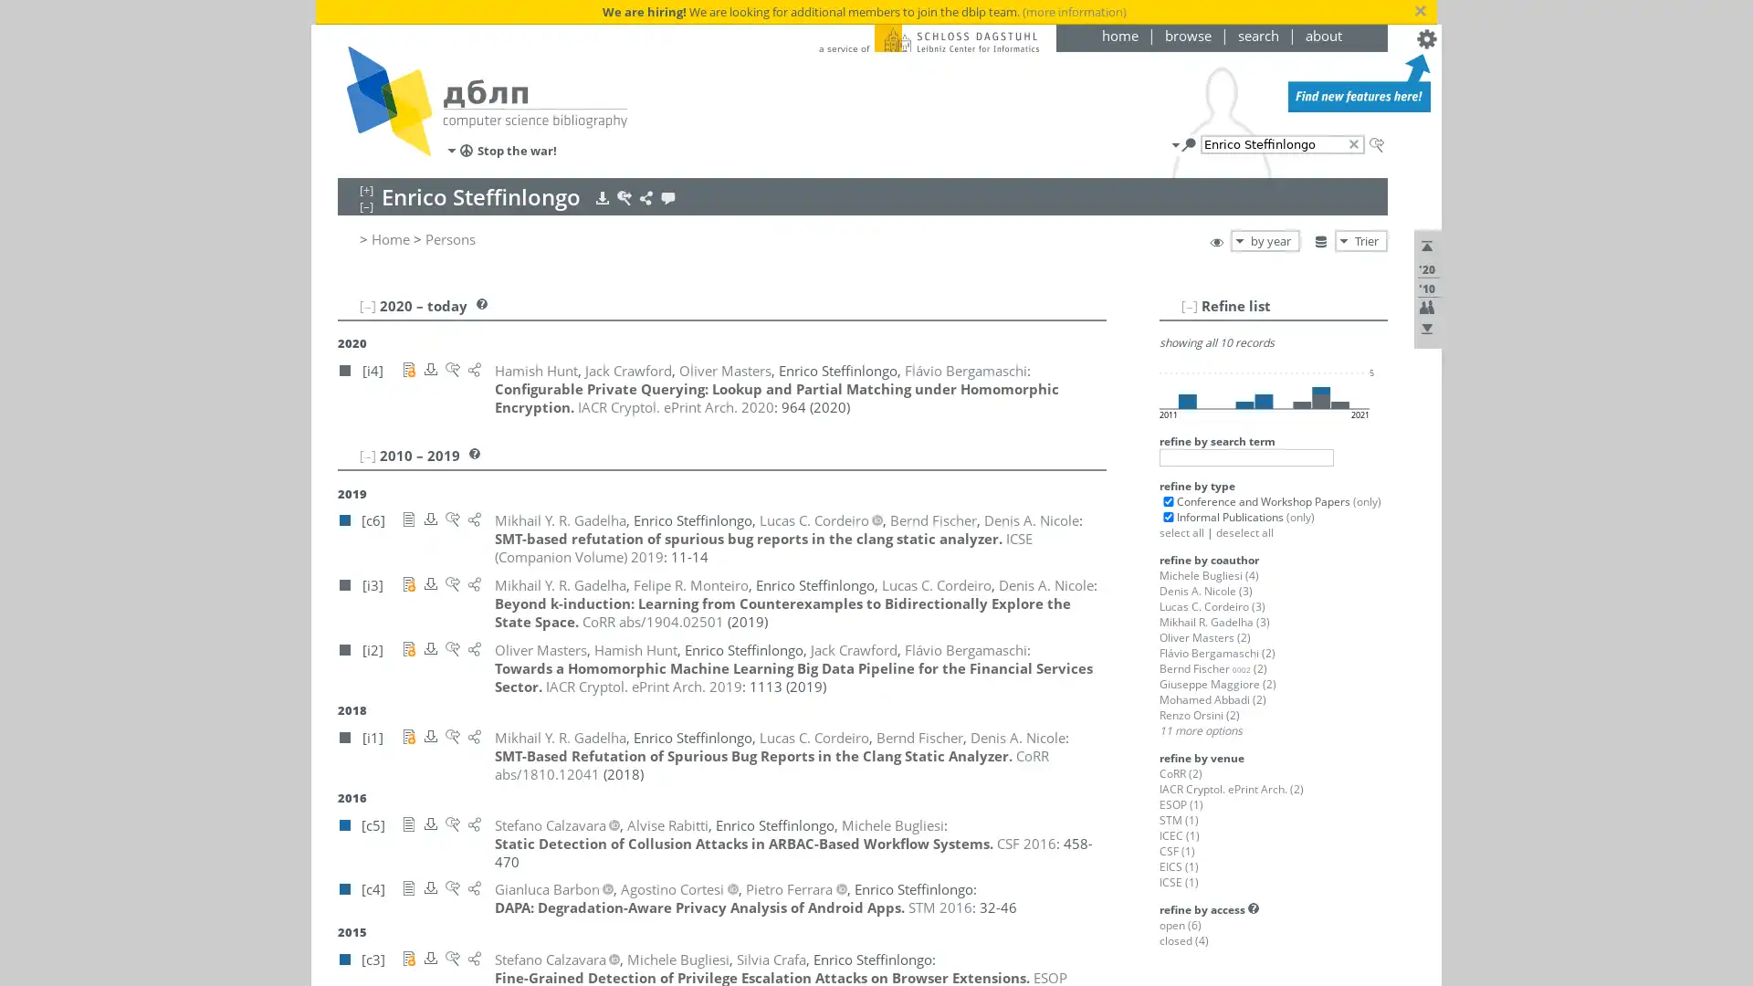 The height and width of the screenshot is (986, 1753). What do you see at coordinates (1218, 684) in the screenshot?
I see `Giuseppe Maggiore (2)` at bounding box center [1218, 684].